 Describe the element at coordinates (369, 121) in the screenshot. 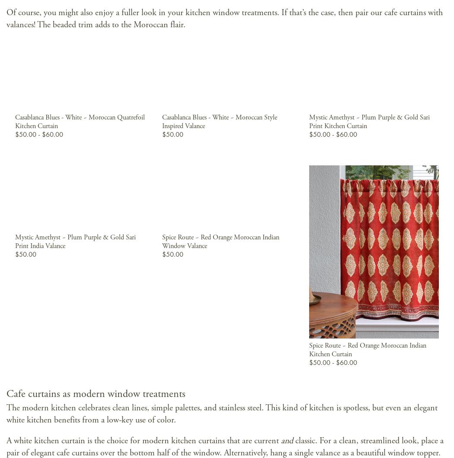

I see `'Mystic Amethyst ~ Plum Purple & Gold Sari Print Kitchen Curtain'` at that location.